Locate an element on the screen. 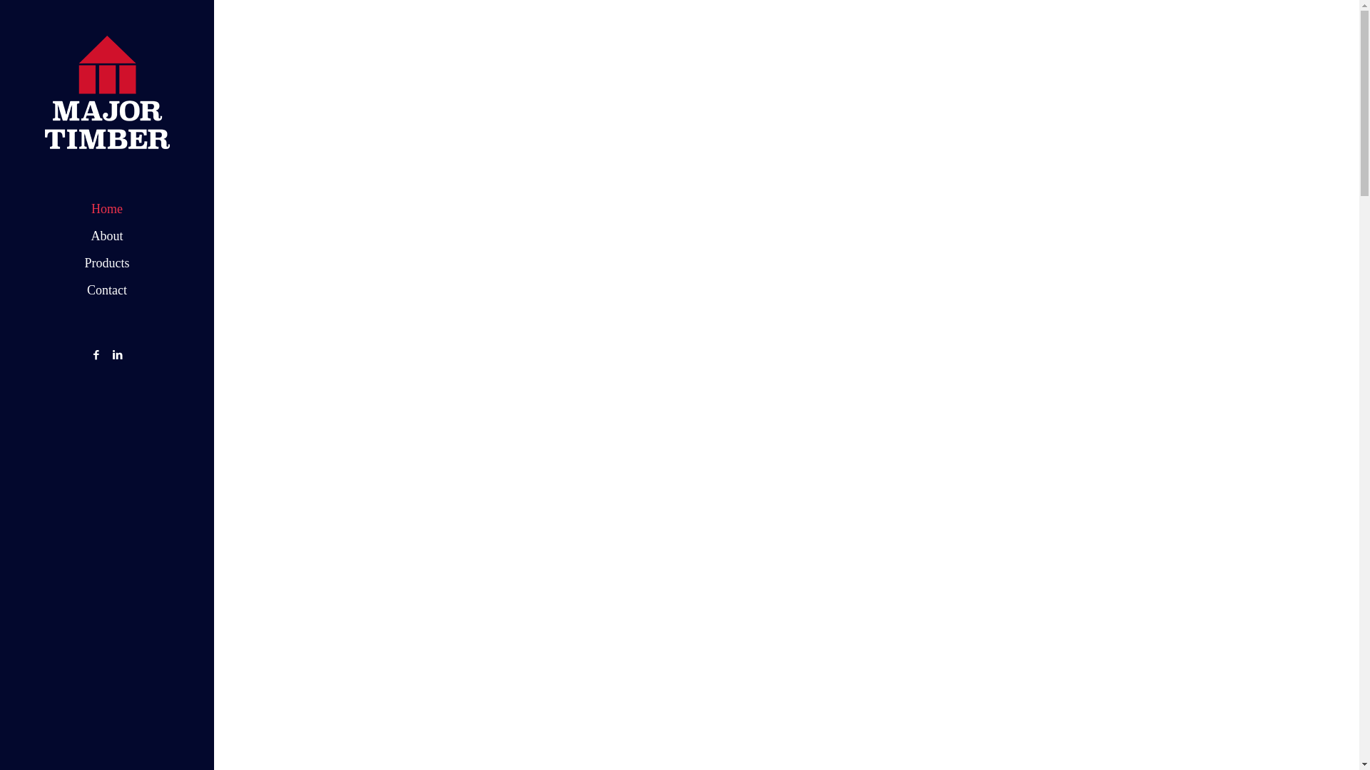 This screenshot has width=1370, height=770. 'Major Timber' is located at coordinates (0, 92).